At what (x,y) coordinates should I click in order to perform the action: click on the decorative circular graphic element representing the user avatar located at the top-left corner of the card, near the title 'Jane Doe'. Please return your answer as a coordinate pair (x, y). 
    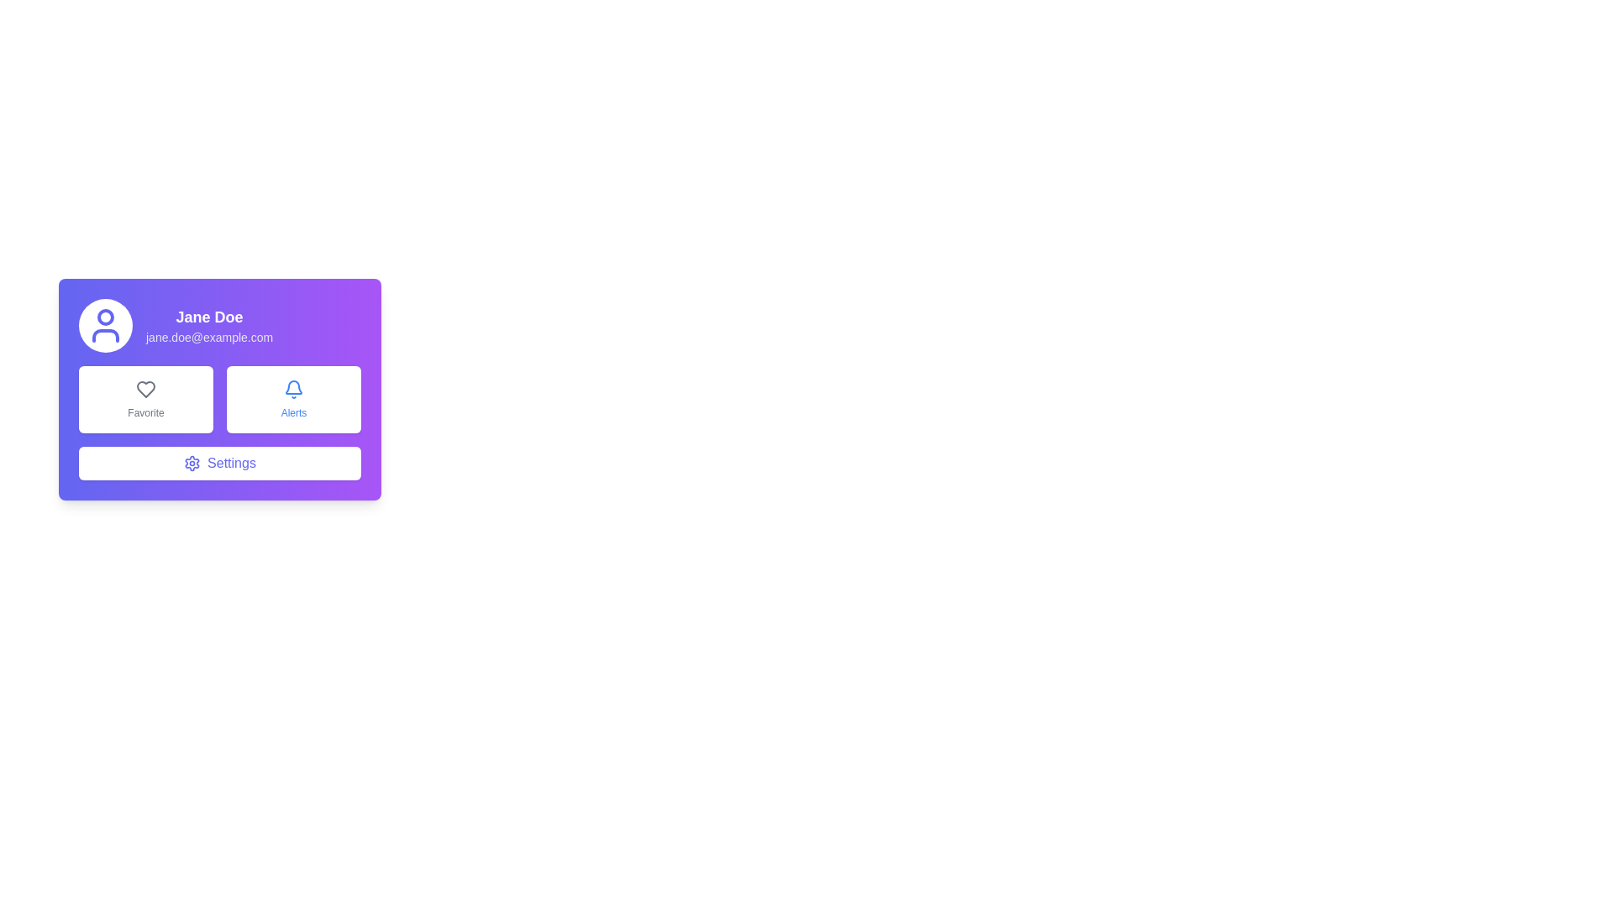
    Looking at the image, I should click on (104, 317).